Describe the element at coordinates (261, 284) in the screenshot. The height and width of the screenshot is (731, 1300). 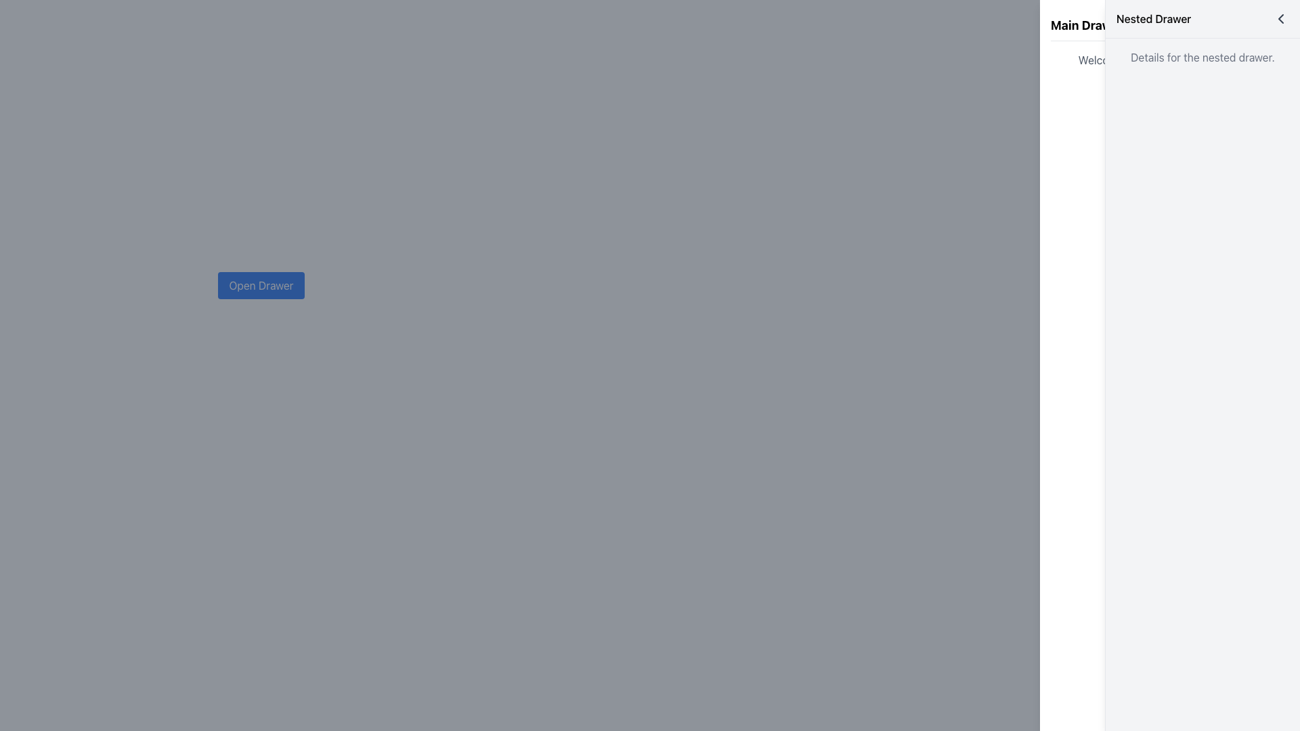
I see `the 'Open Drawer' button, which is a rectangular button with rounded corners, a blue background, and white text` at that location.